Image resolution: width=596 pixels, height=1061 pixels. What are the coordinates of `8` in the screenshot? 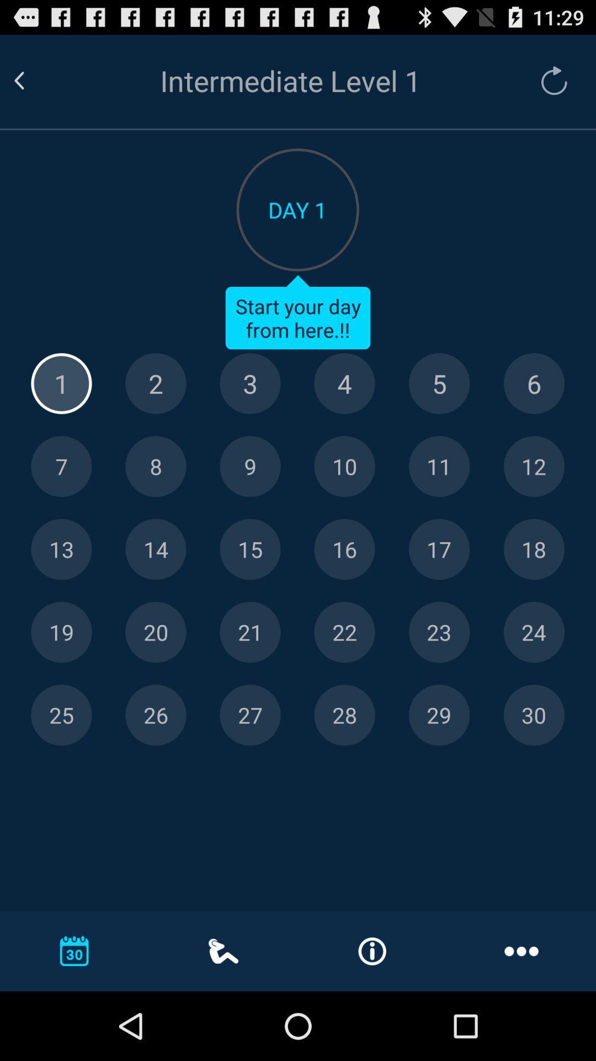 It's located at (156, 466).